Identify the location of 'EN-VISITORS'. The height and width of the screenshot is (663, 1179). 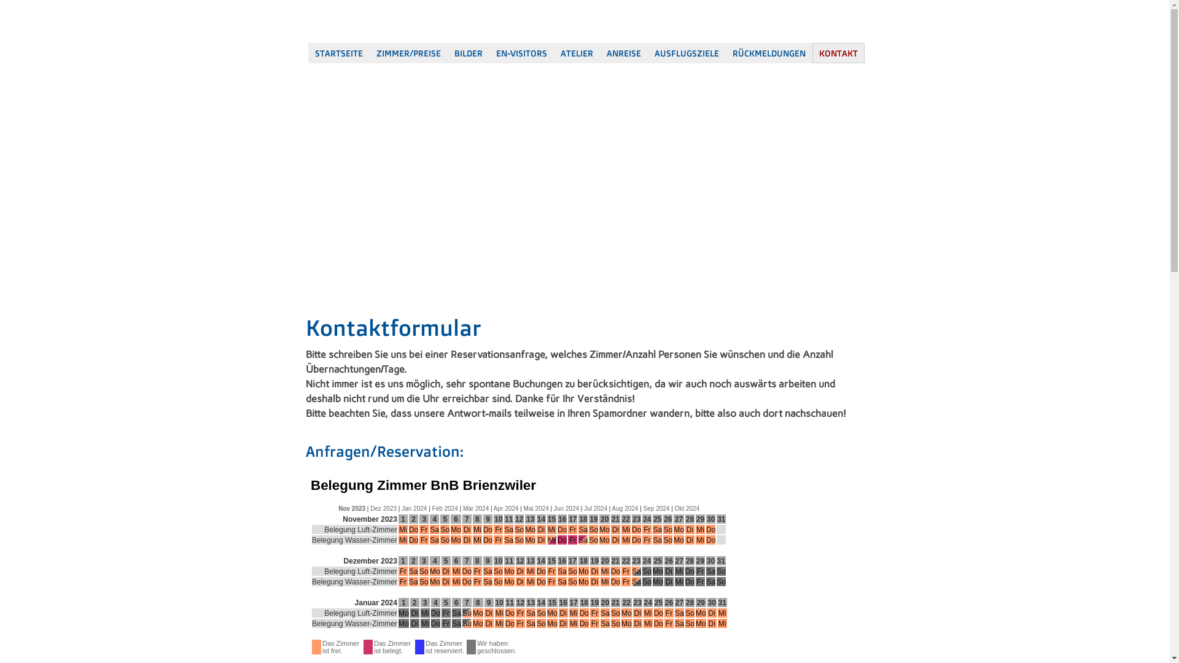
(488, 52).